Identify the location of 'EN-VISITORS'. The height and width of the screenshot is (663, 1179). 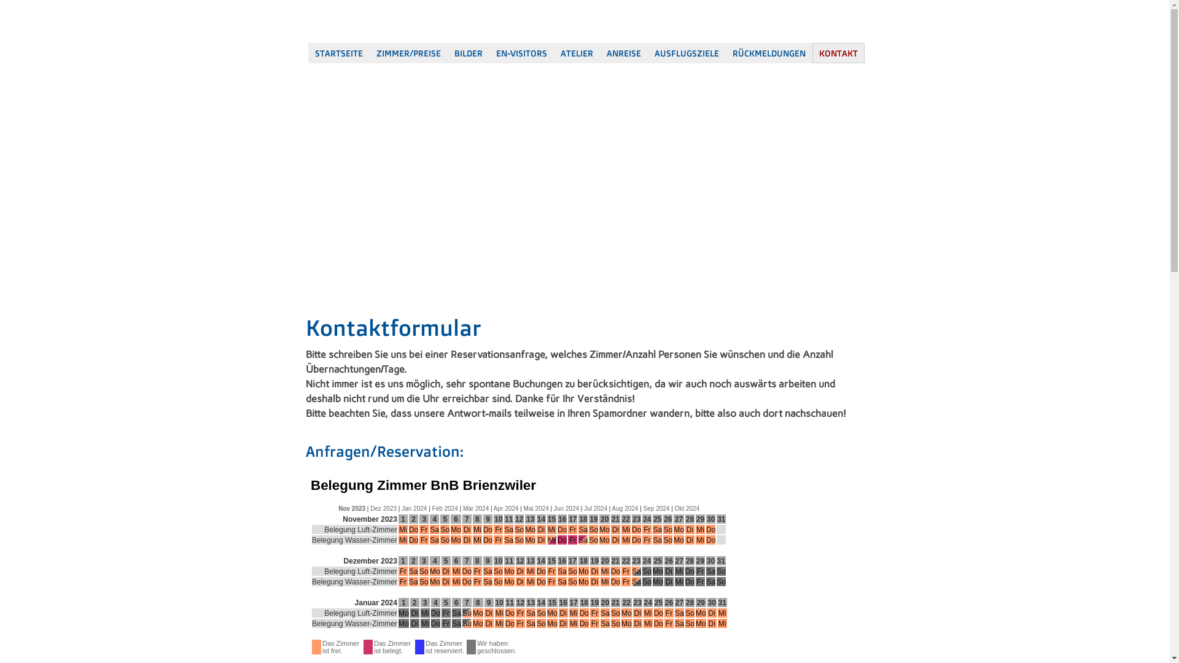
(488, 52).